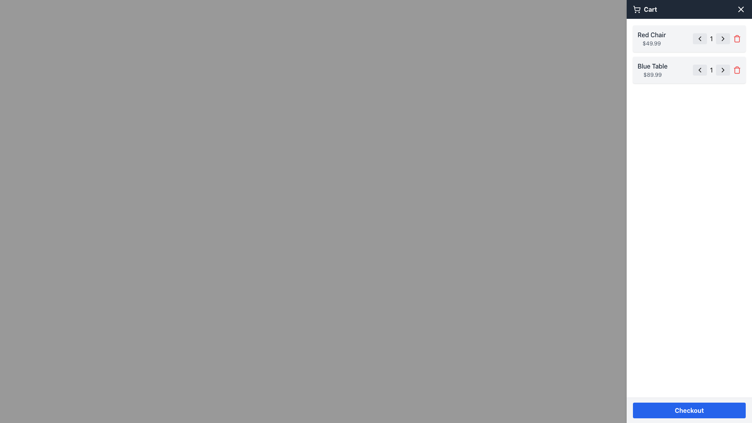 The height and width of the screenshot is (423, 752). I want to click on the 'Blue Table' text label in the shopping cart, which displays the product name below the 'Red Chair', so click(653, 66).